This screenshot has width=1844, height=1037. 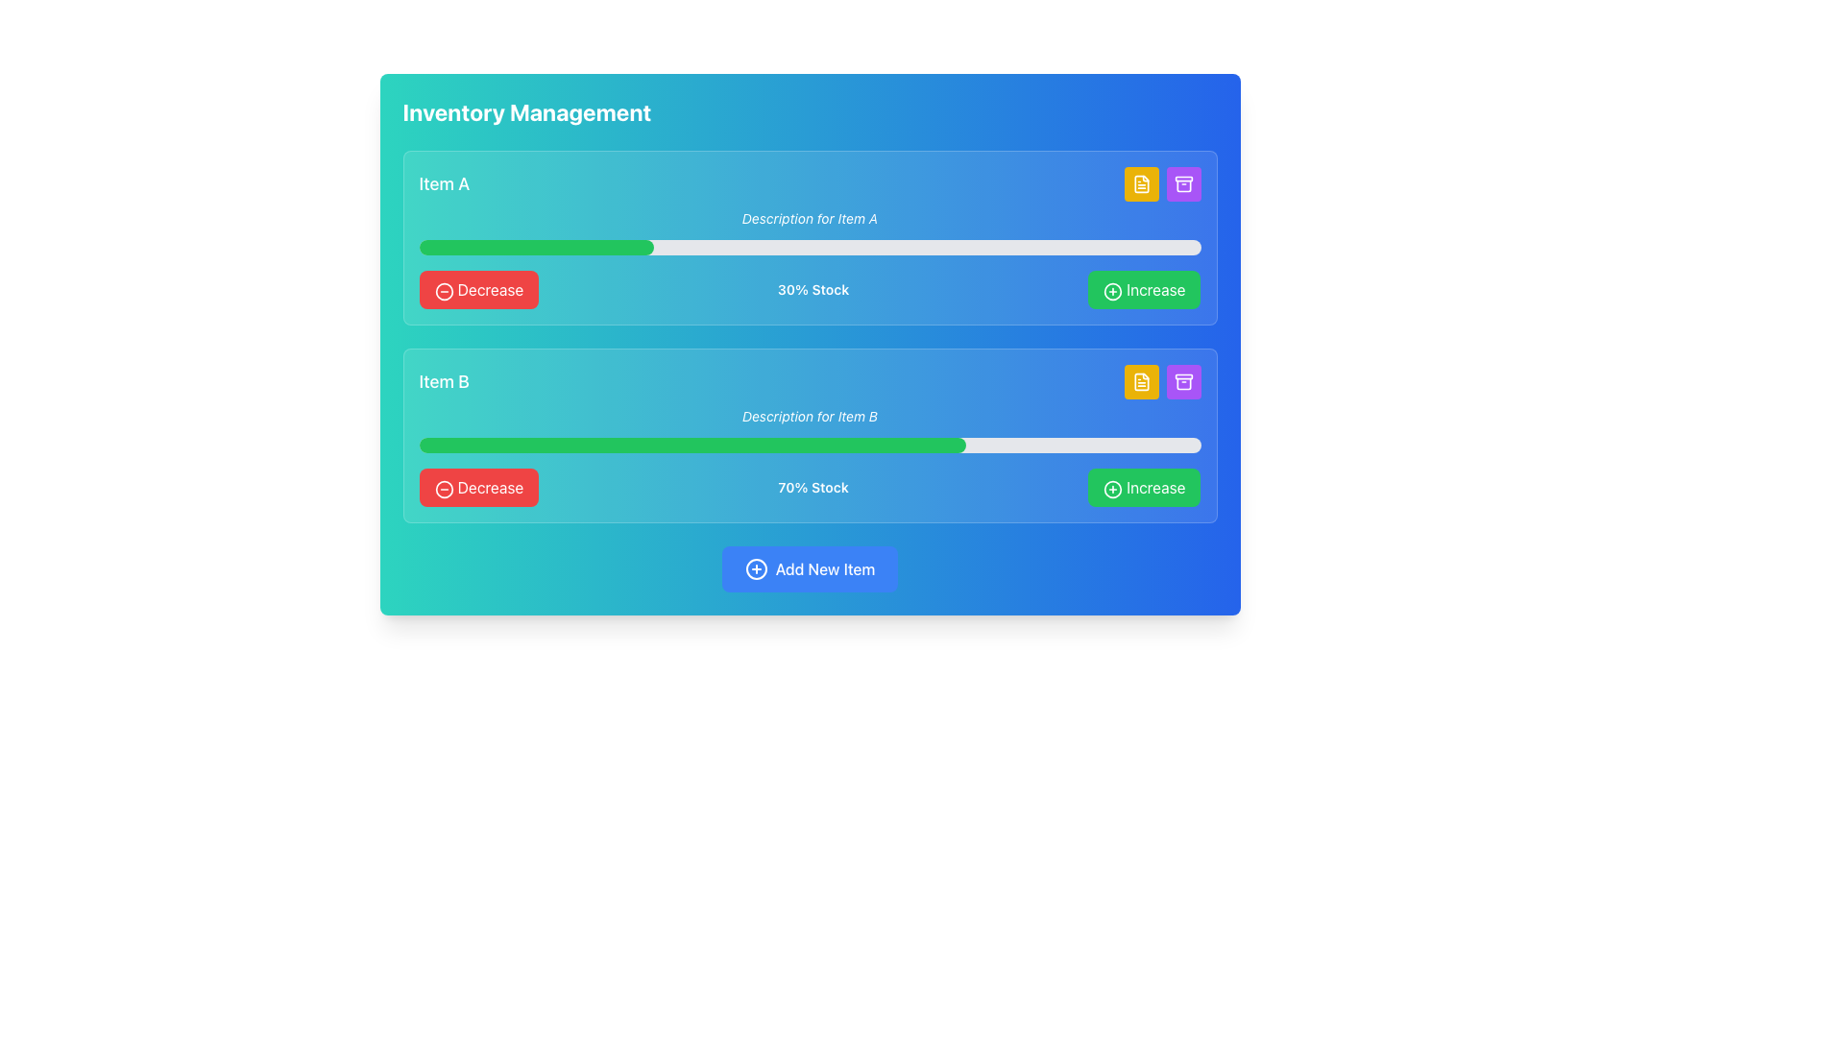 I want to click on the stock level, so click(x=441, y=247).